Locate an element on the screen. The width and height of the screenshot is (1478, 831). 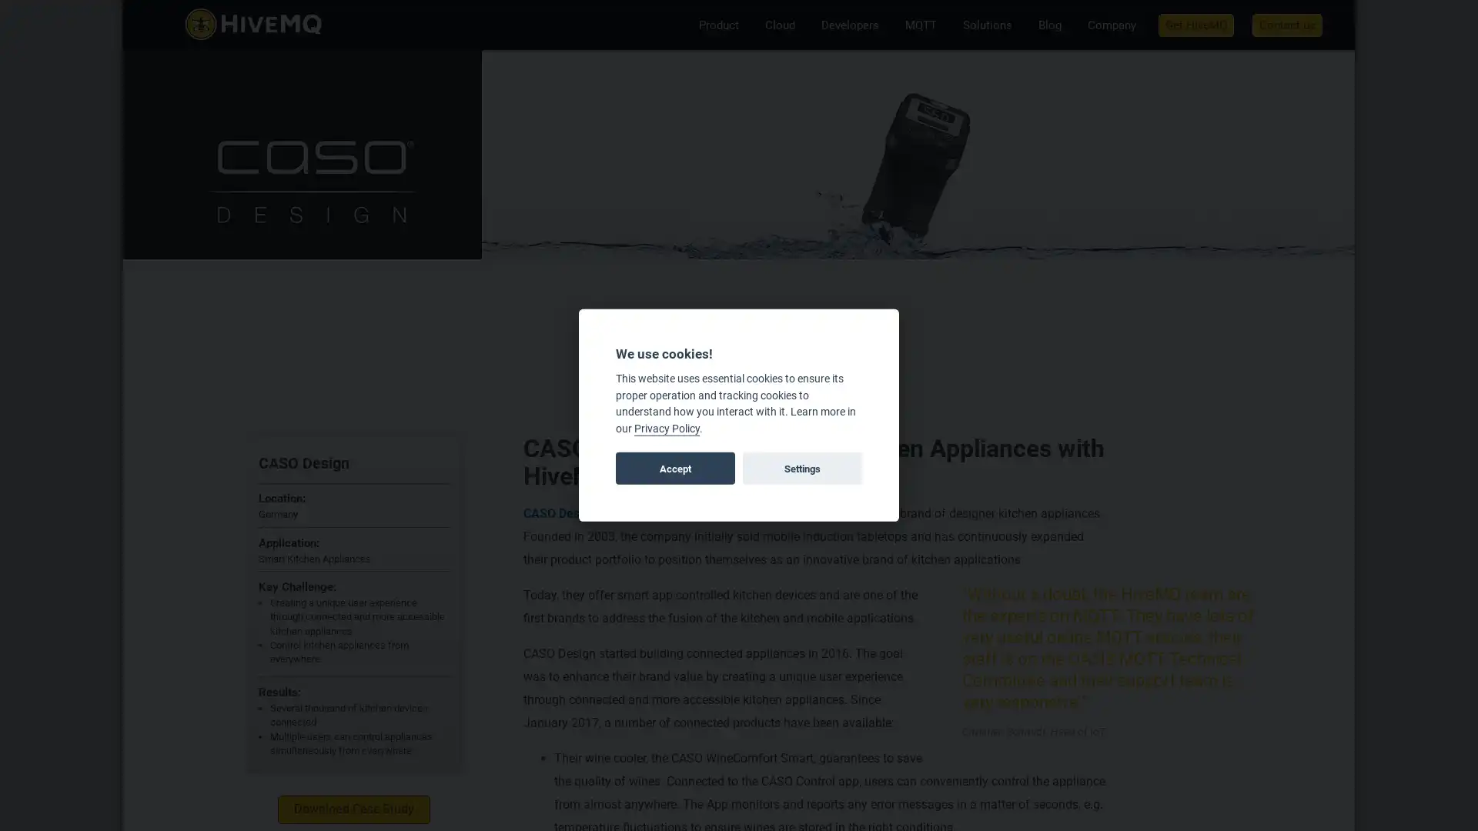
Get HiveMQ is located at coordinates (1195, 24).